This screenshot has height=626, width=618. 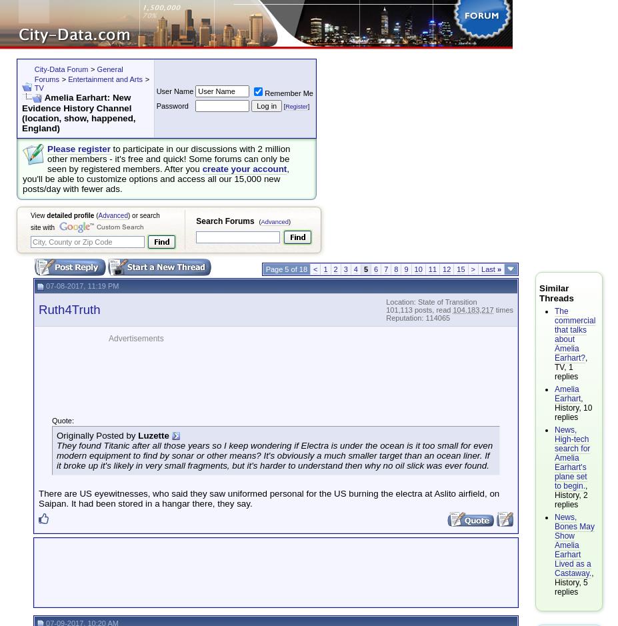 I want to click on '07-08-2017, 11:19 PM', so click(x=80, y=284).